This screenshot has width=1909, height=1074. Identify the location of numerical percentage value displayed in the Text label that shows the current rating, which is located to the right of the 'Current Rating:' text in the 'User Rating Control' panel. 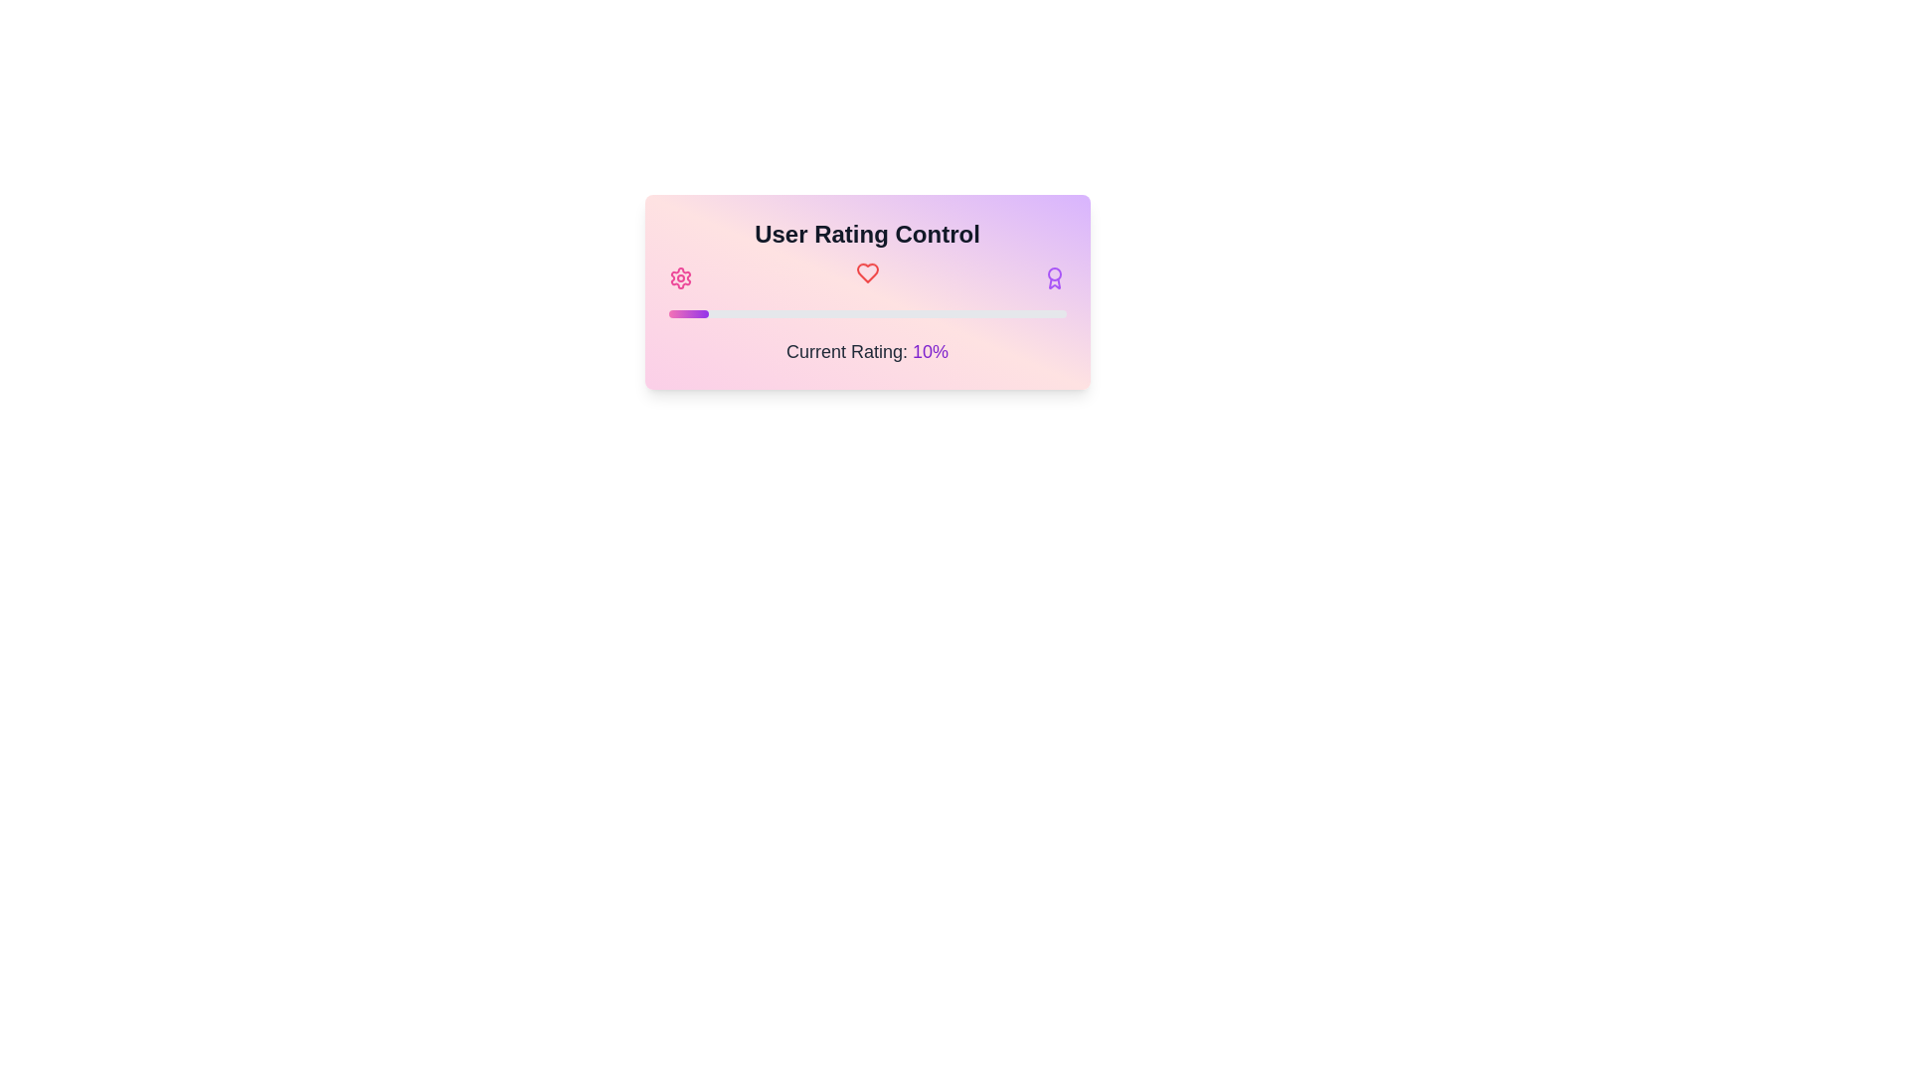
(930, 351).